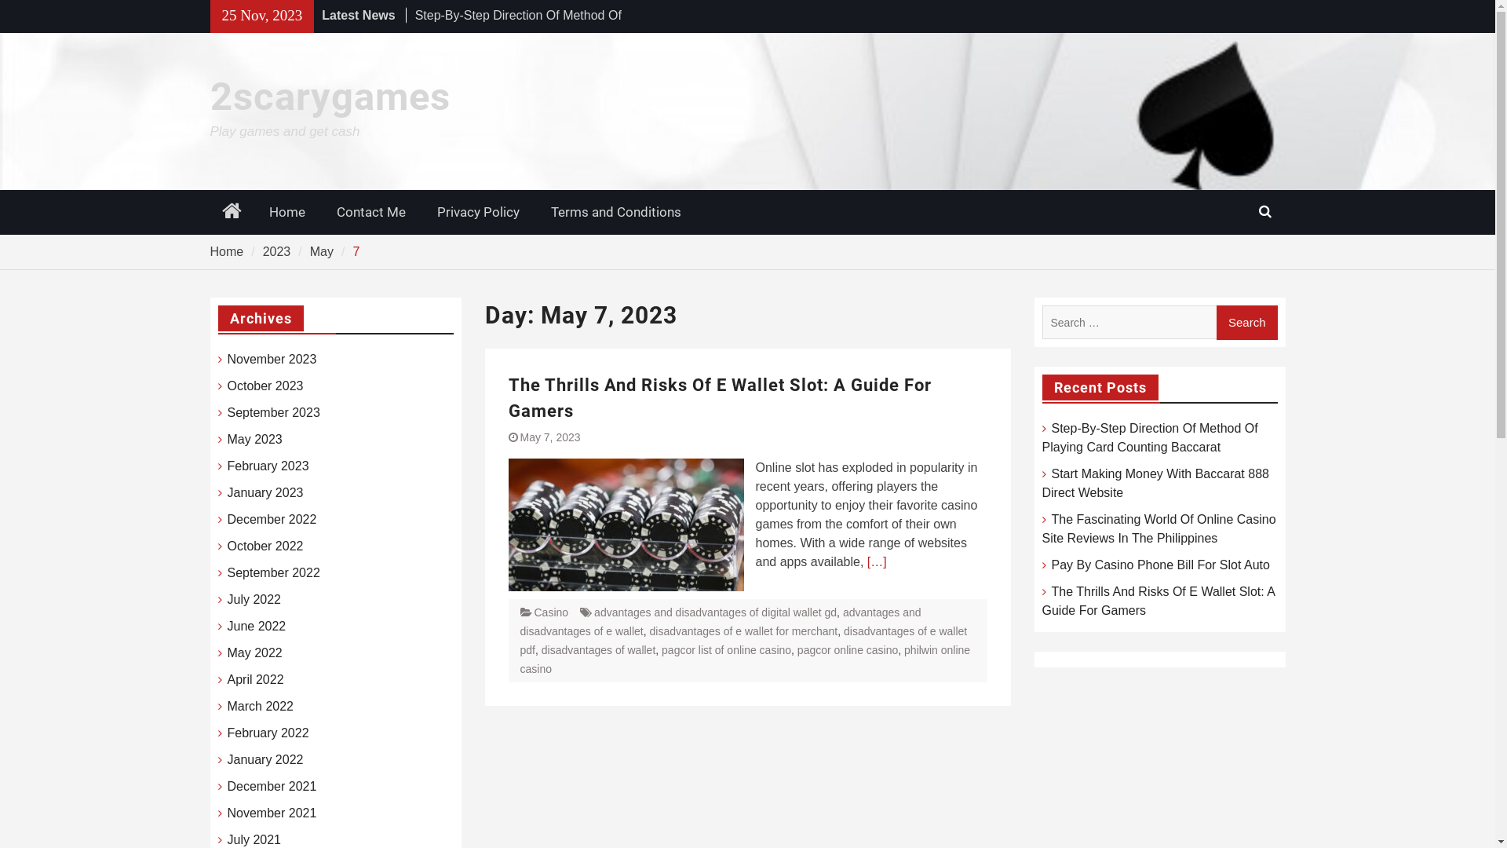 The width and height of the screenshot is (1507, 848). Describe the element at coordinates (255, 653) in the screenshot. I see `'May 2022'` at that location.